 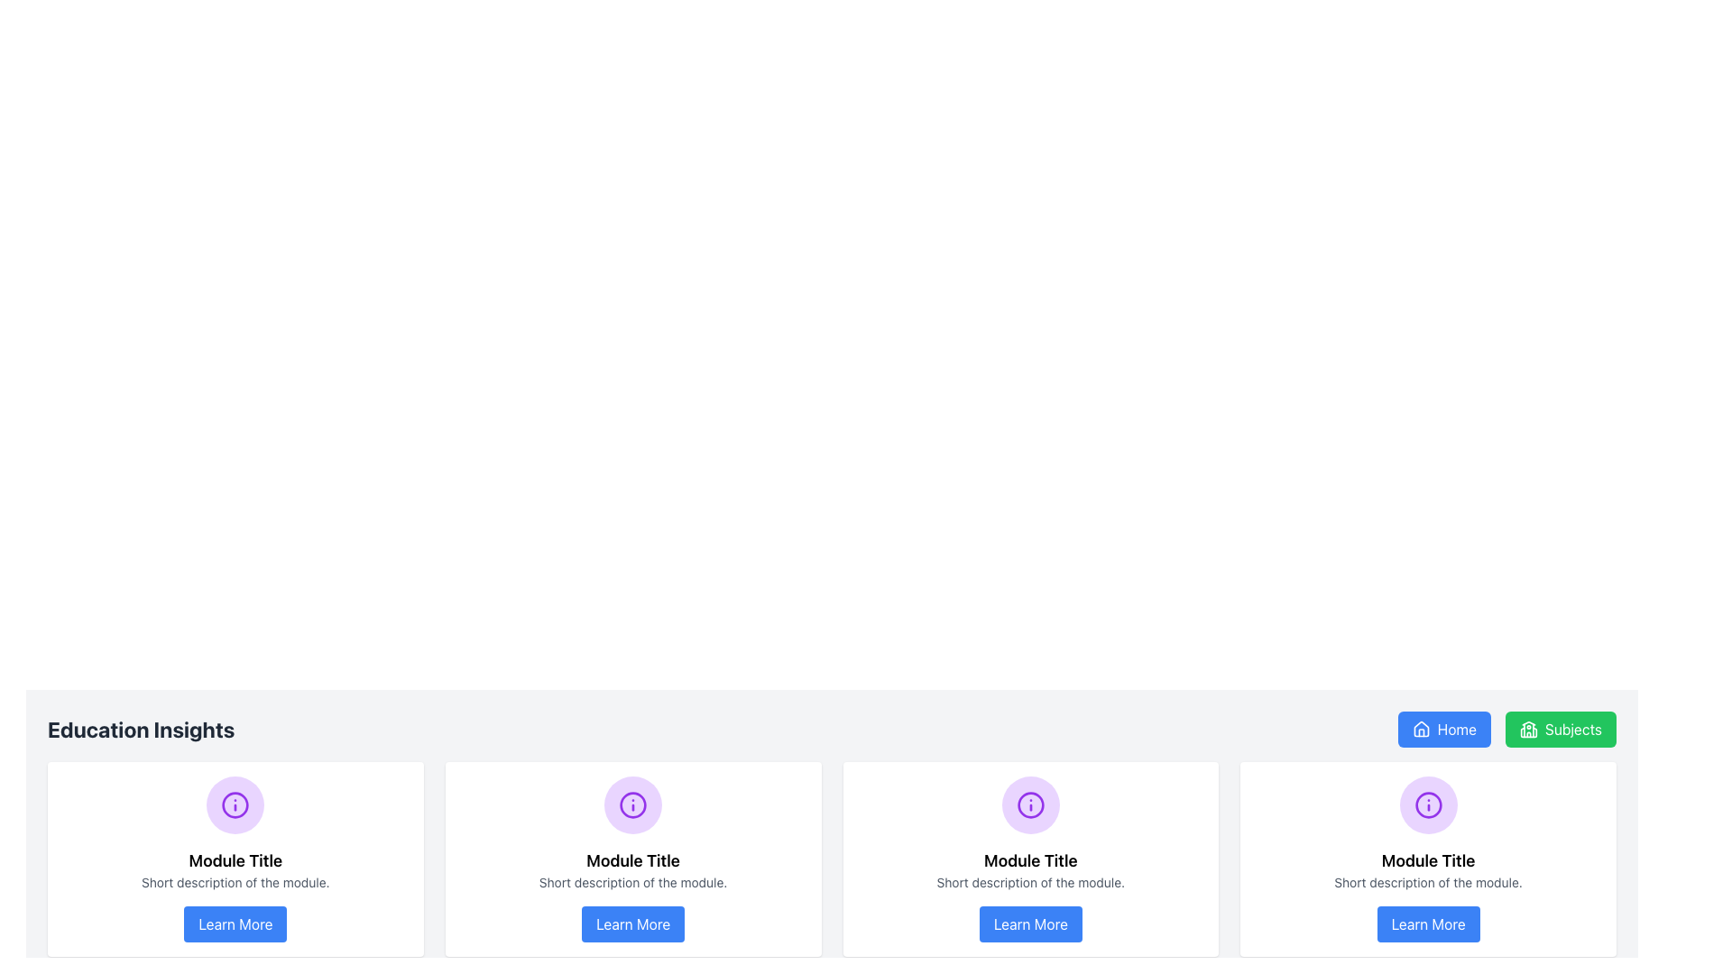 What do you see at coordinates (1030, 834) in the screenshot?
I see `the content displayed in the third card section which contains a purple circular 'info' icon, bold black text 'Module Title', and a smaller gray description below it` at bounding box center [1030, 834].